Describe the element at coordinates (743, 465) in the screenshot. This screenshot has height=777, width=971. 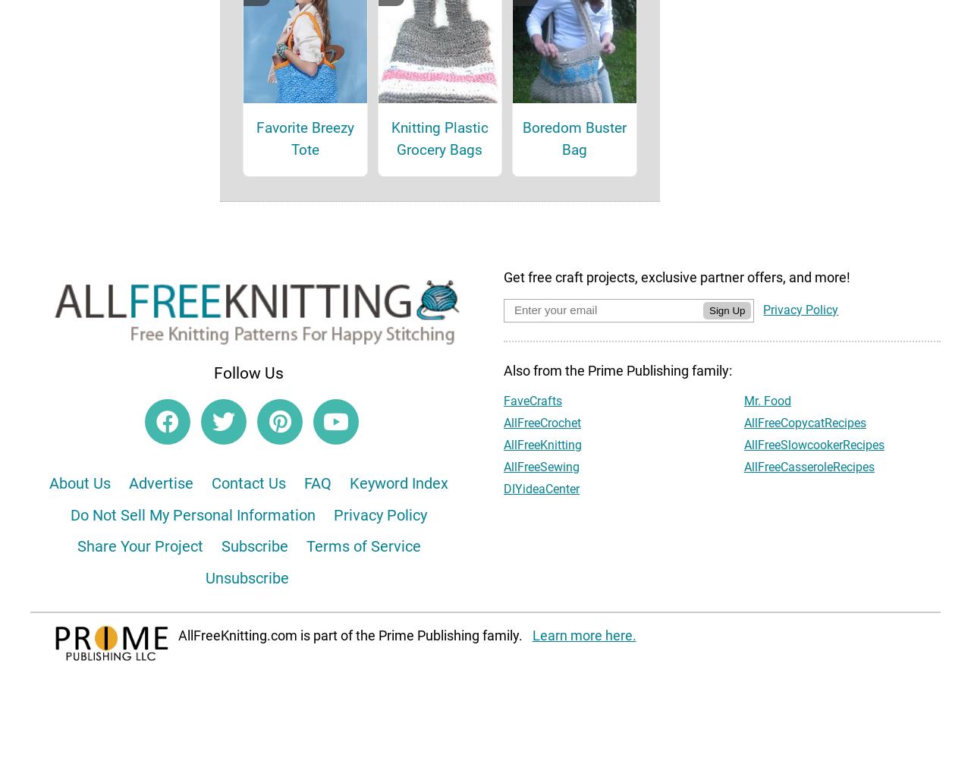
I see `'AllFreeSlowcookerRecipes'` at that location.